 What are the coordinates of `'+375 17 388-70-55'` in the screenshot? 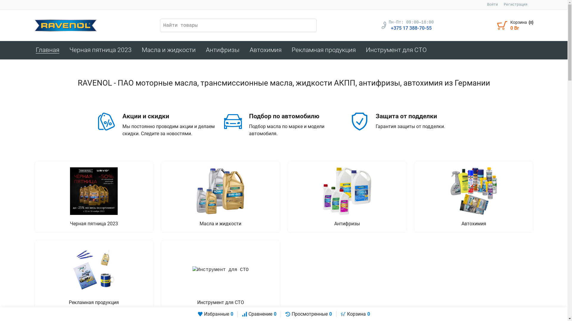 It's located at (391, 28).